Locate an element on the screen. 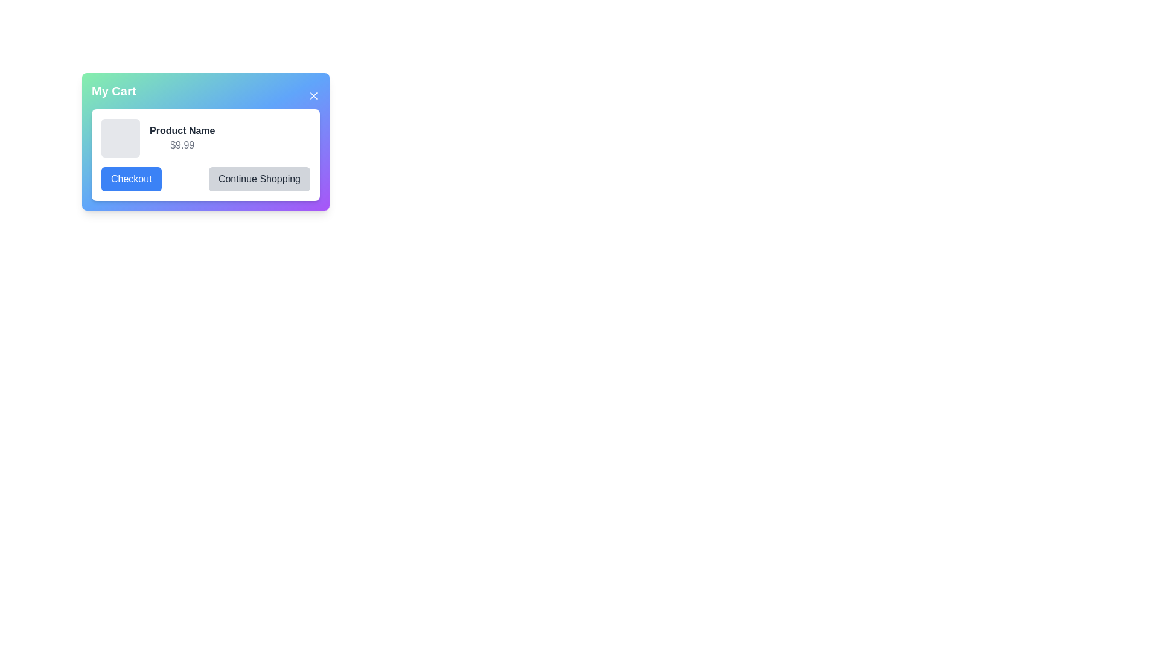 The height and width of the screenshot is (652, 1159). the Text Label indicating 'My Cart' located at the top of the modal window is located at coordinates (113, 90).